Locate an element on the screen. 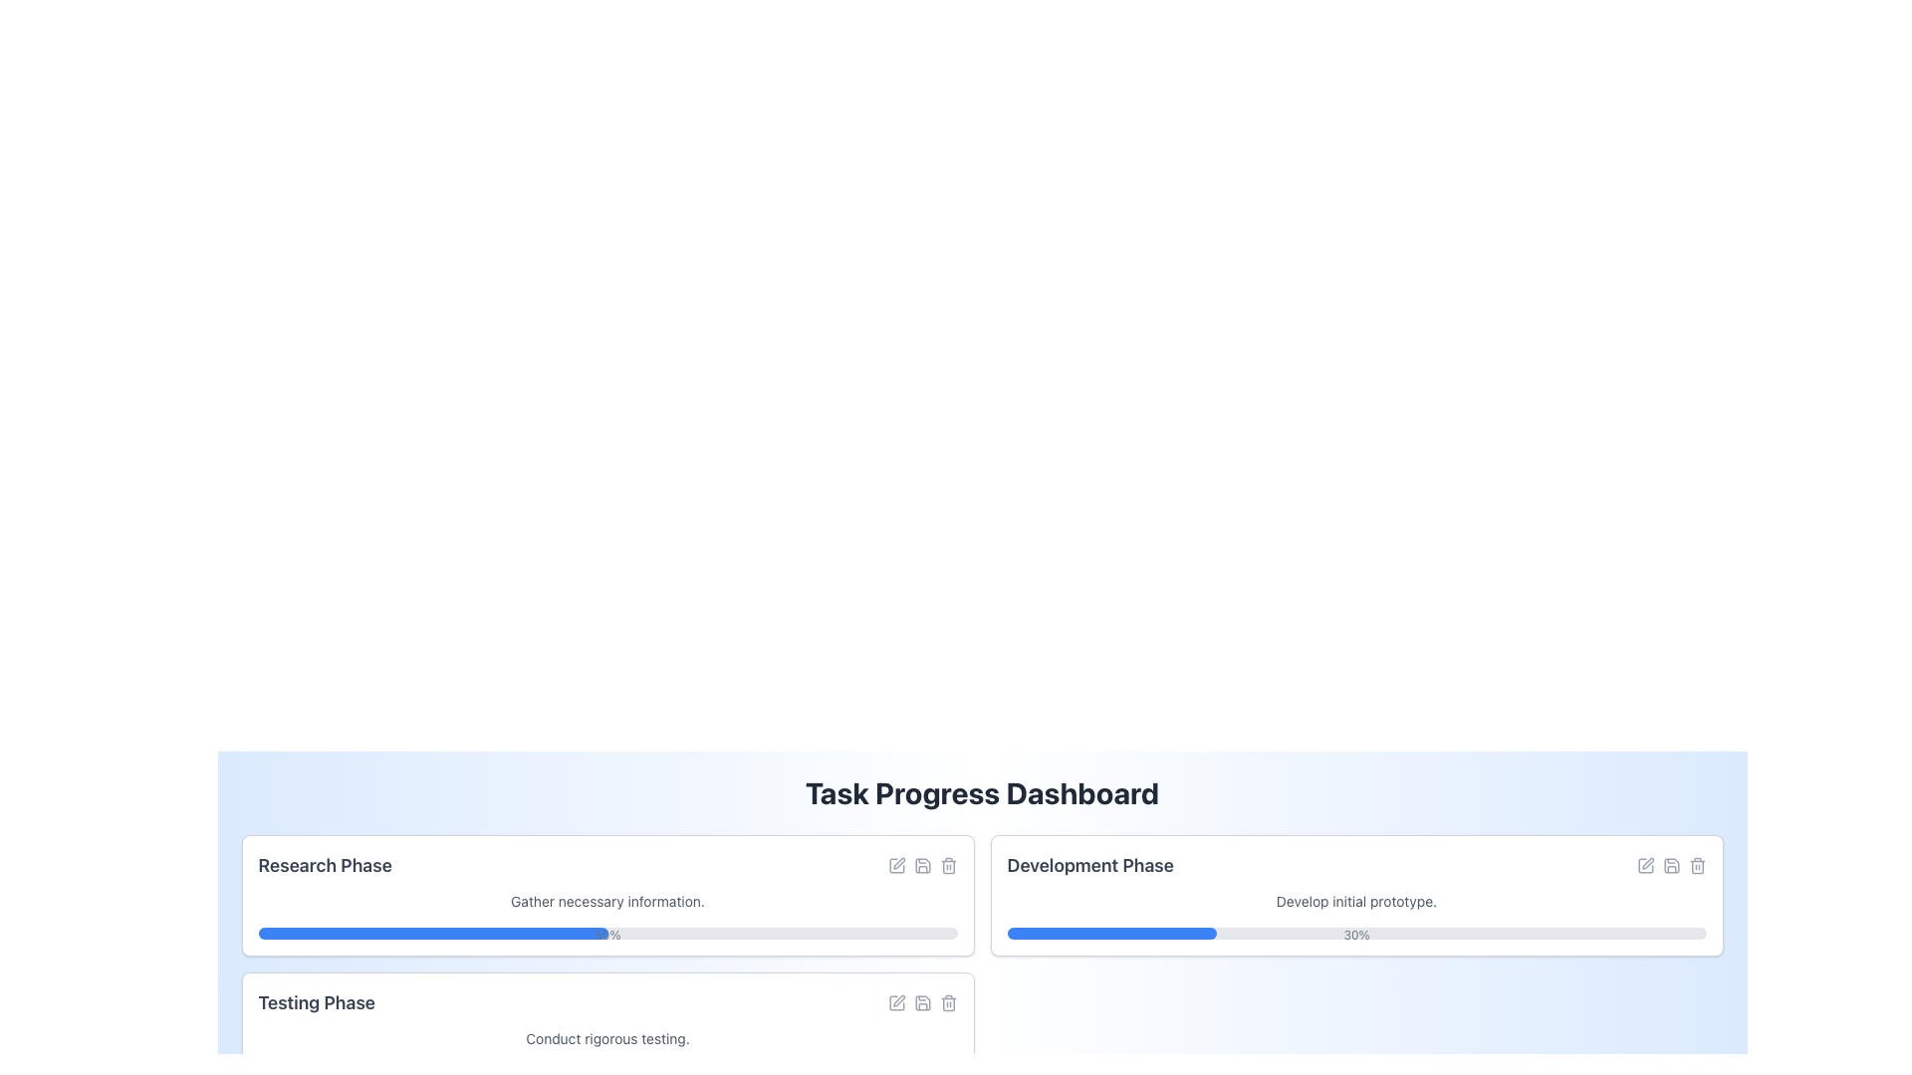 The height and width of the screenshot is (1075, 1912). the progress bar representing 30% completion of the 'Development Phase' task is located at coordinates (1355, 933).